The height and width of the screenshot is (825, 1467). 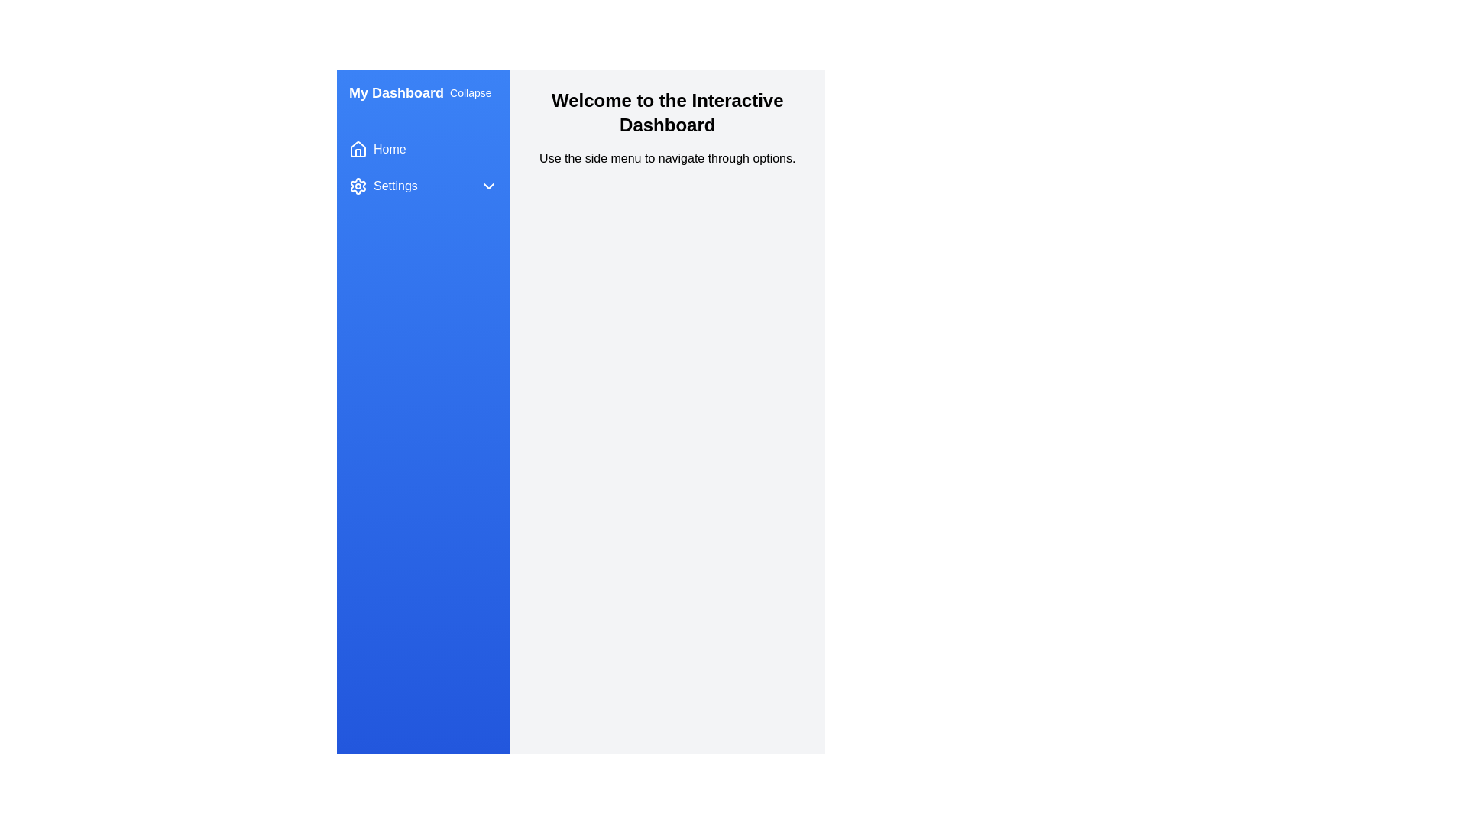 I want to click on the static text element that reads 'Use the side menu to navigate through options', located below the header 'Welcome to the Interactive Dashboard', so click(x=667, y=159).